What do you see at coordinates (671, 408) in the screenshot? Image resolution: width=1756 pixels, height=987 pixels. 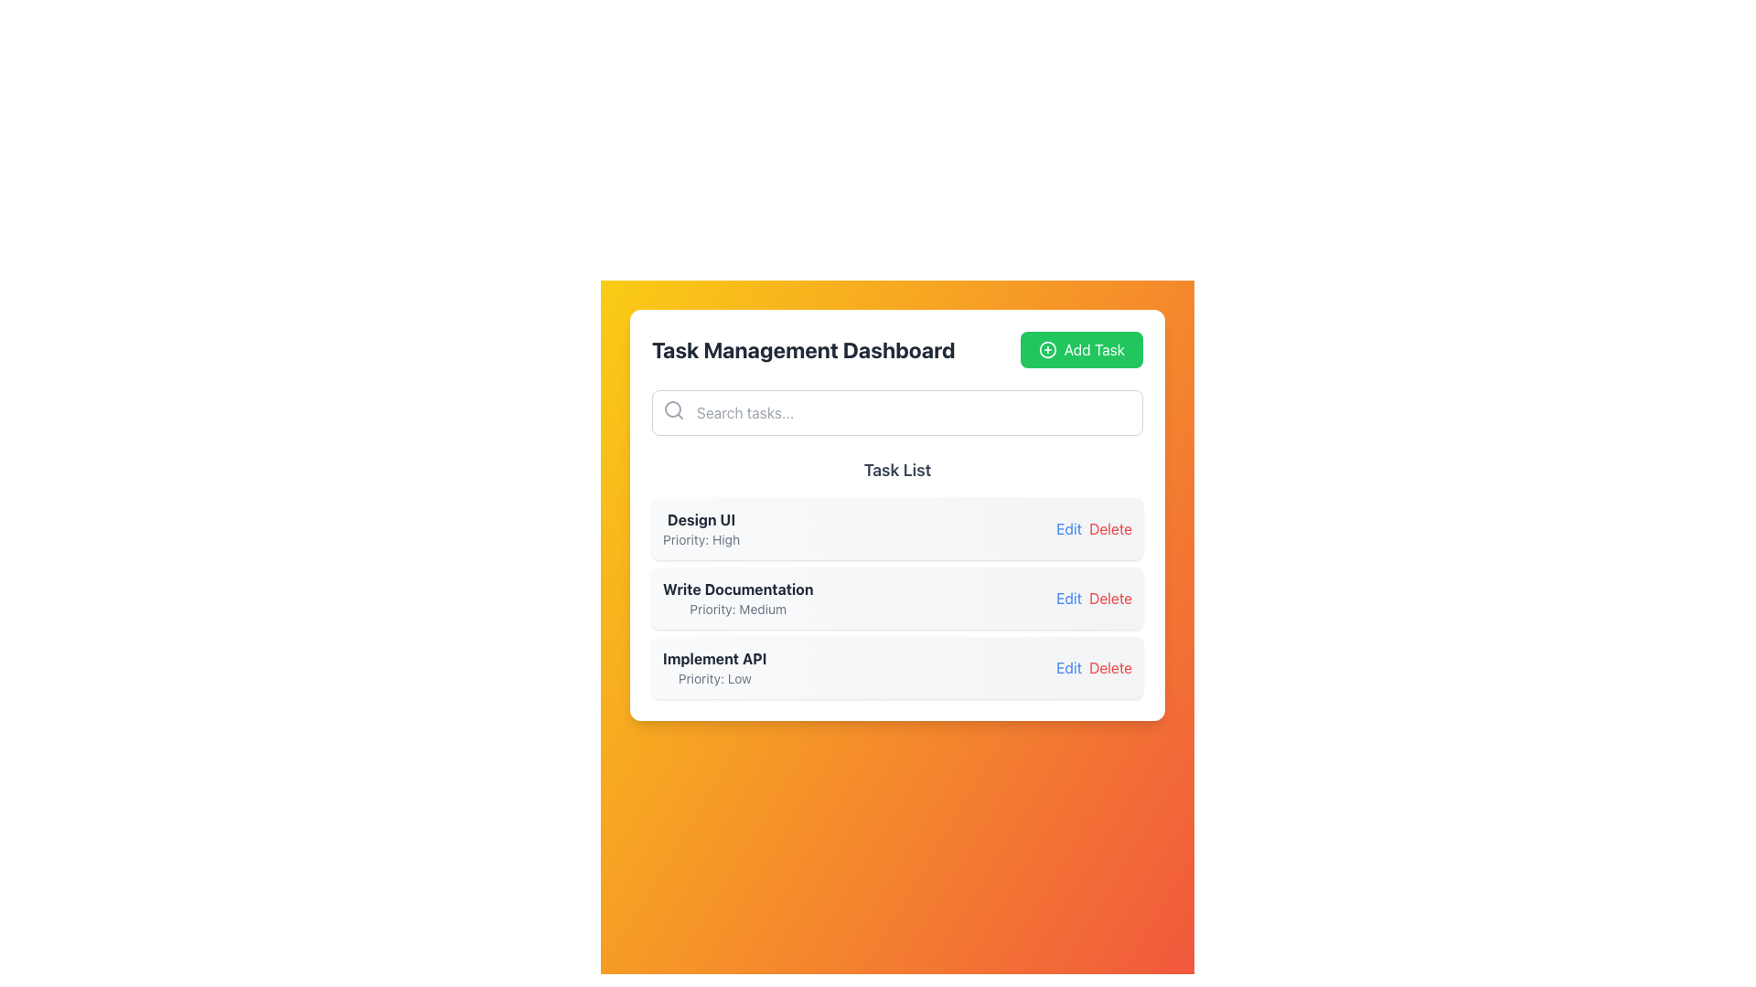 I see `the circular part of the magnifying glass icon representing the search functionality, located in the leftmost area of the search bar` at bounding box center [671, 408].